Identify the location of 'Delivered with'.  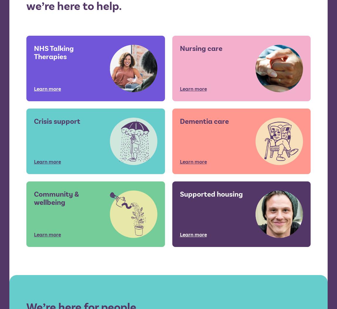
(289, 269).